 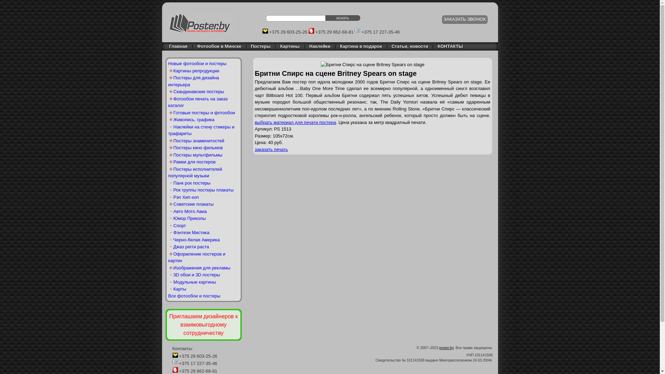 I want to click on 'Velcom', so click(x=265, y=30).